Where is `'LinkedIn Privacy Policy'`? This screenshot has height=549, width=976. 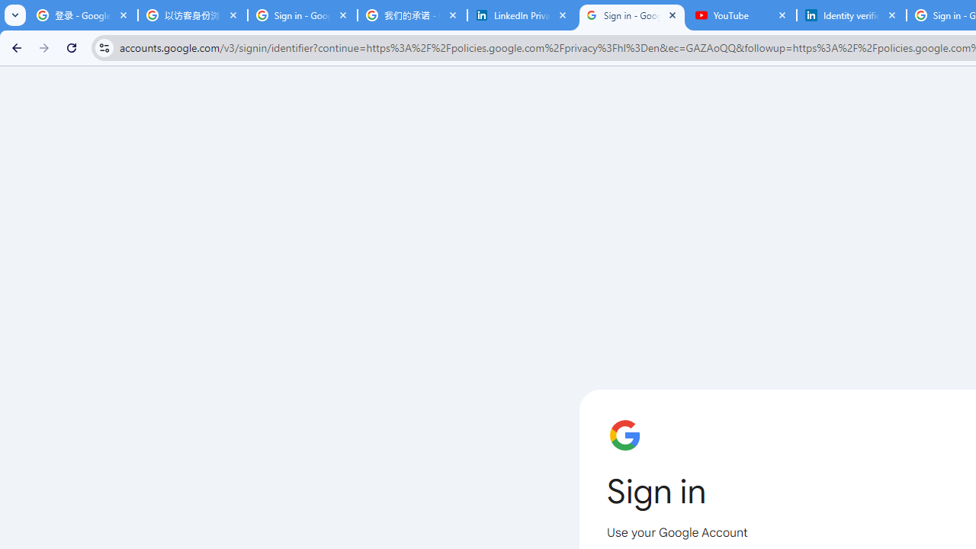 'LinkedIn Privacy Policy' is located at coordinates (522, 15).